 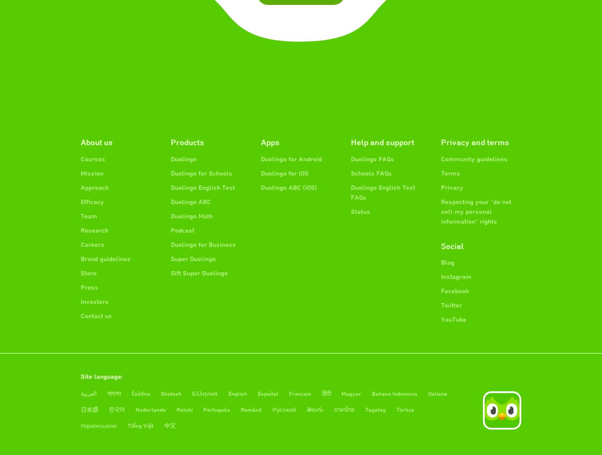 I want to click on 'Terms', so click(x=450, y=172).